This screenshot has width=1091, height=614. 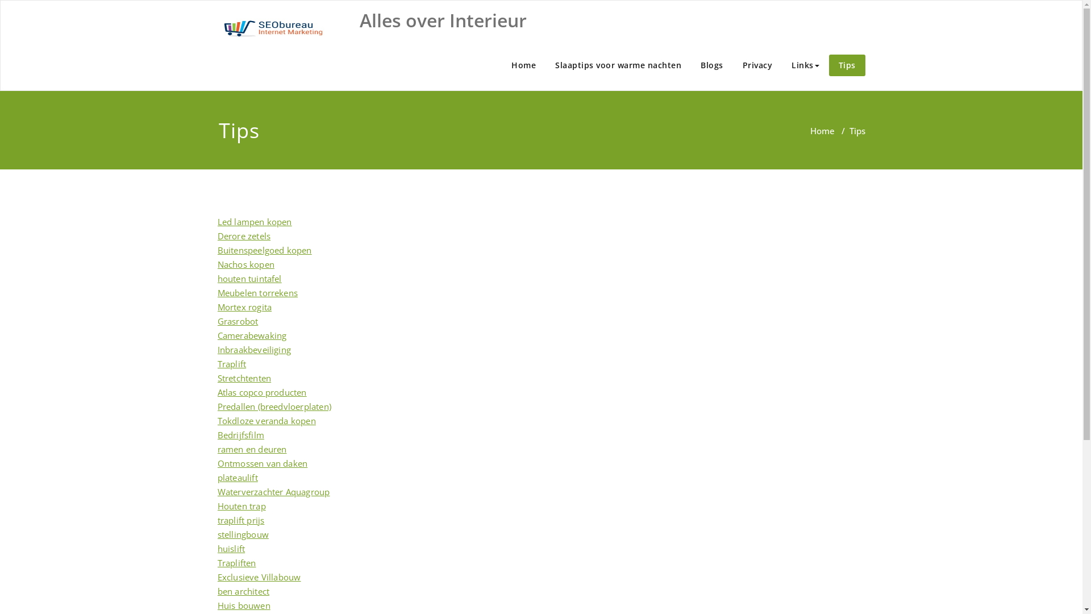 What do you see at coordinates (258, 576) in the screenshot?
I see `'Exclusieve Villabouw'` at bounding box center [258, 576].